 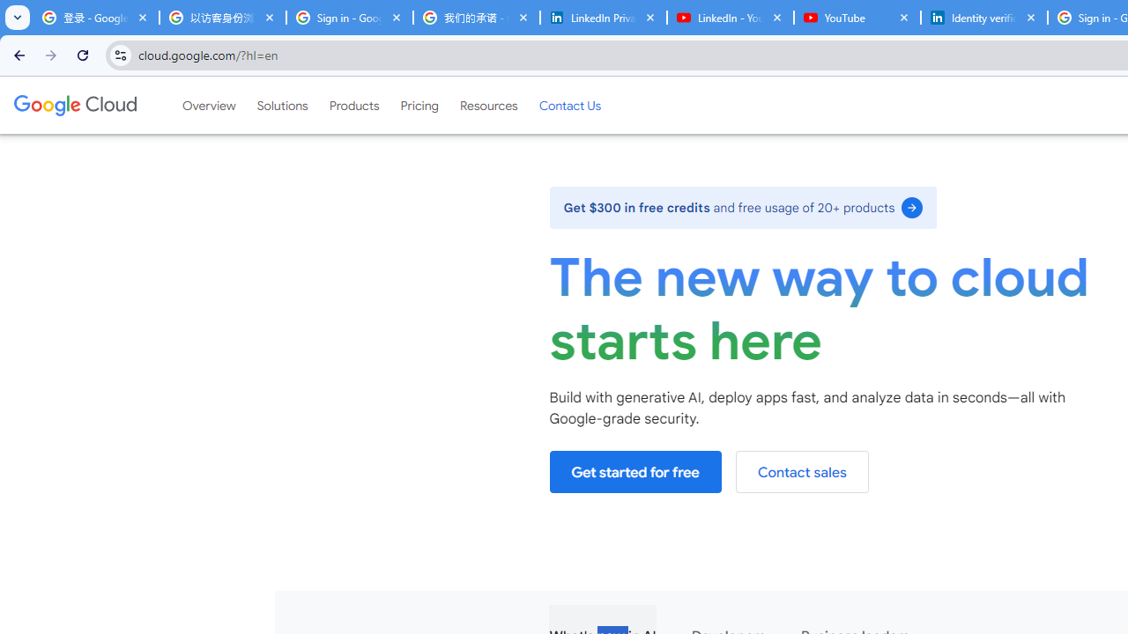 What do you see at coordinates (634, 471) in the screenshot?
I see `'Get started for free'` at bounding box center [634, 471].